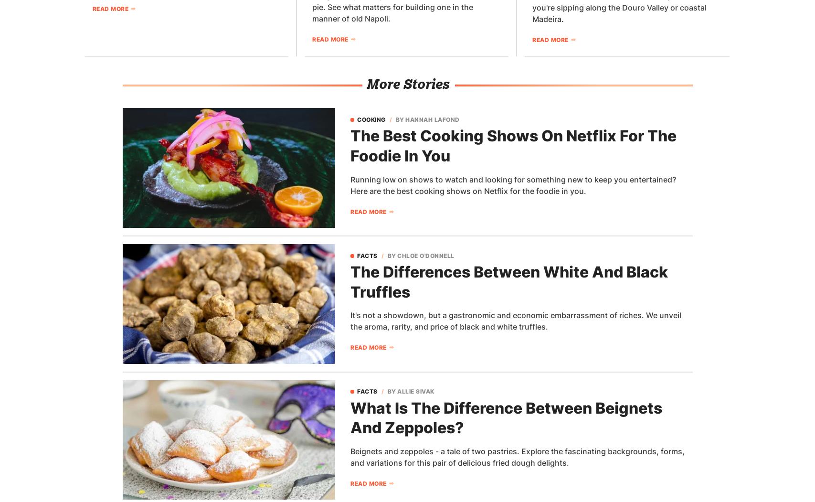 This screenshot has height=502, width=815. I want to click on 'The Differences Between White And Black Truffles', so click(508, 281).